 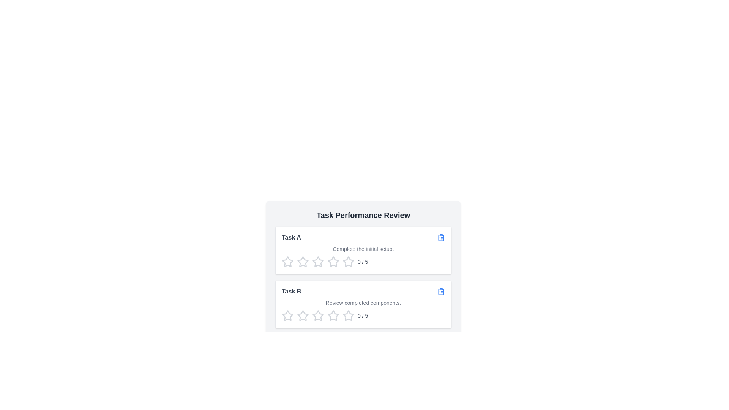 What do you see at coordinates (318, 315) in the screenshot?
I see `the second star icon in the rating row under the 'Task B' section` at bounding box center [318, 315].